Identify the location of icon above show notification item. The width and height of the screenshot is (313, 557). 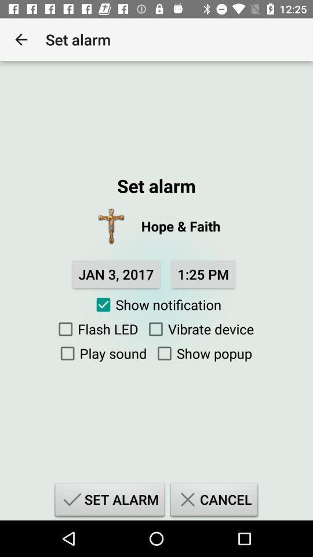
(116, 274).